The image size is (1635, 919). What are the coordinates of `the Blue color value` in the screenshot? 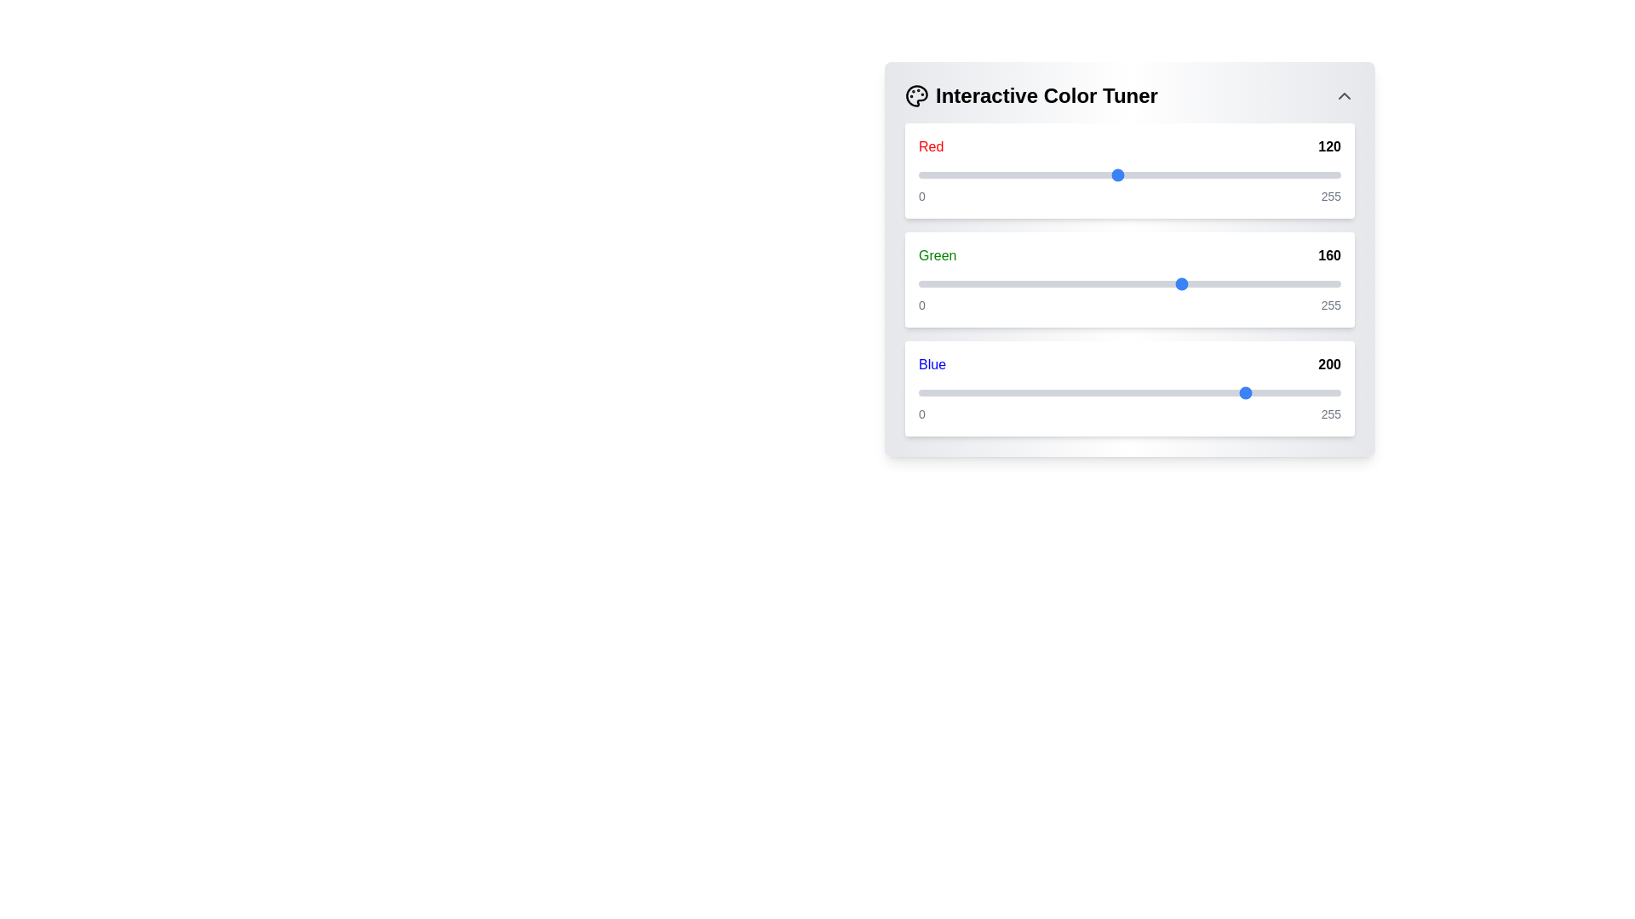 It's located at (1109, 393).